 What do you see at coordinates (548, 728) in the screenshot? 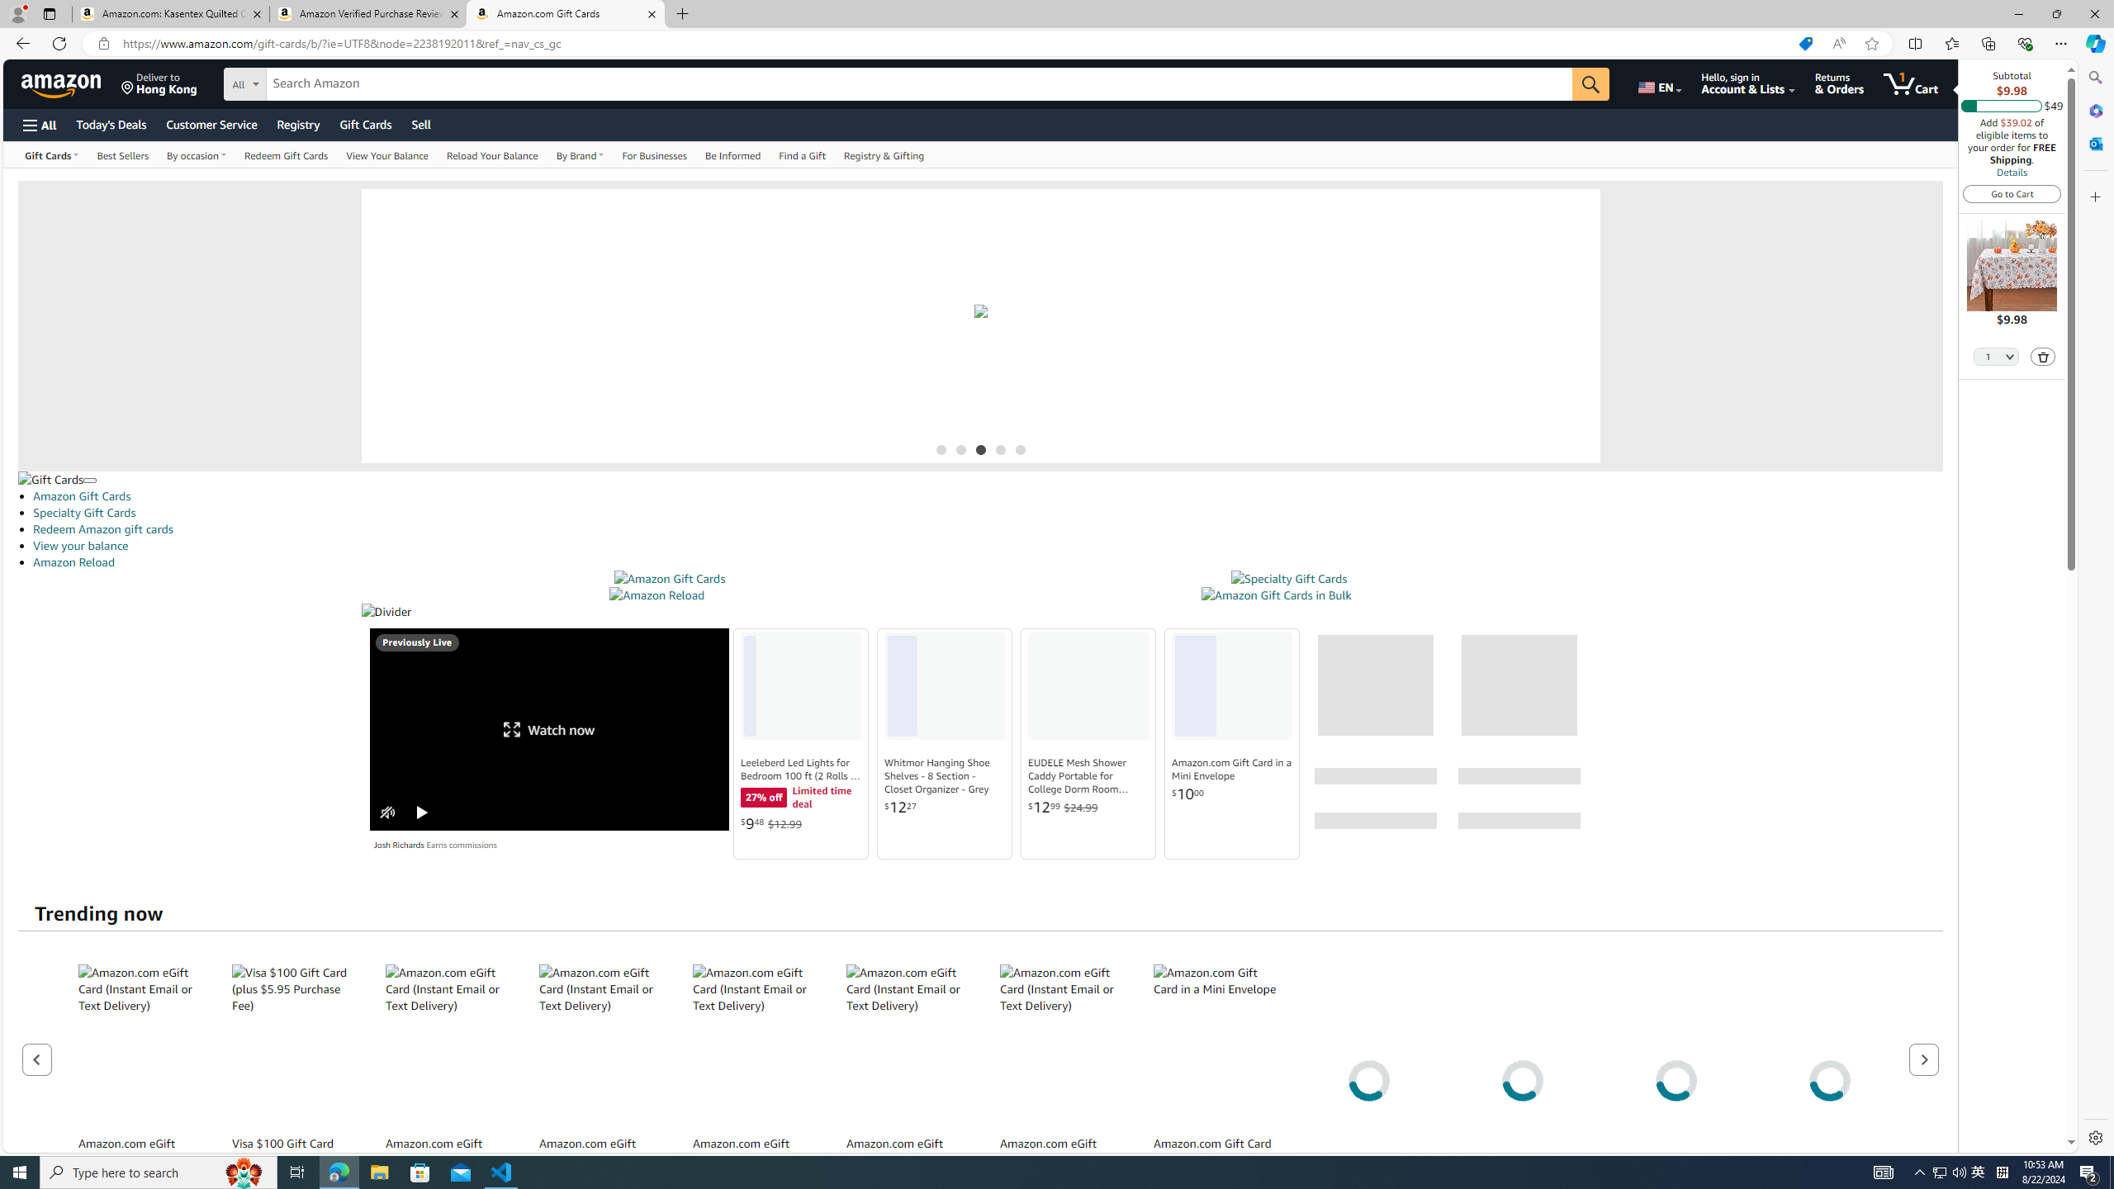
I see `'Tap Watch now to see broadcast in immersive view'` at bounding box center [548, 728].